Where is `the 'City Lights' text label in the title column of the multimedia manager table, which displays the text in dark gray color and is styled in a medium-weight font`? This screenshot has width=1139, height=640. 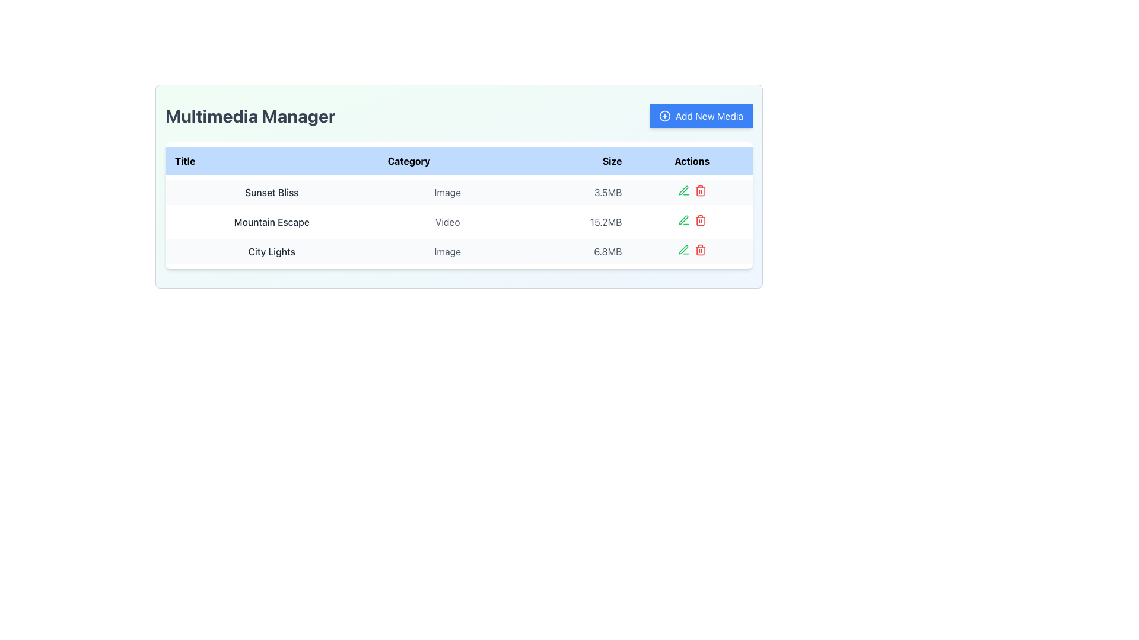 the 'City Lights' text label in the title column of the multimedia manager table, which displays the text in dark gray color and is styled in a medium-weight font is located at coordinates (271, 251).